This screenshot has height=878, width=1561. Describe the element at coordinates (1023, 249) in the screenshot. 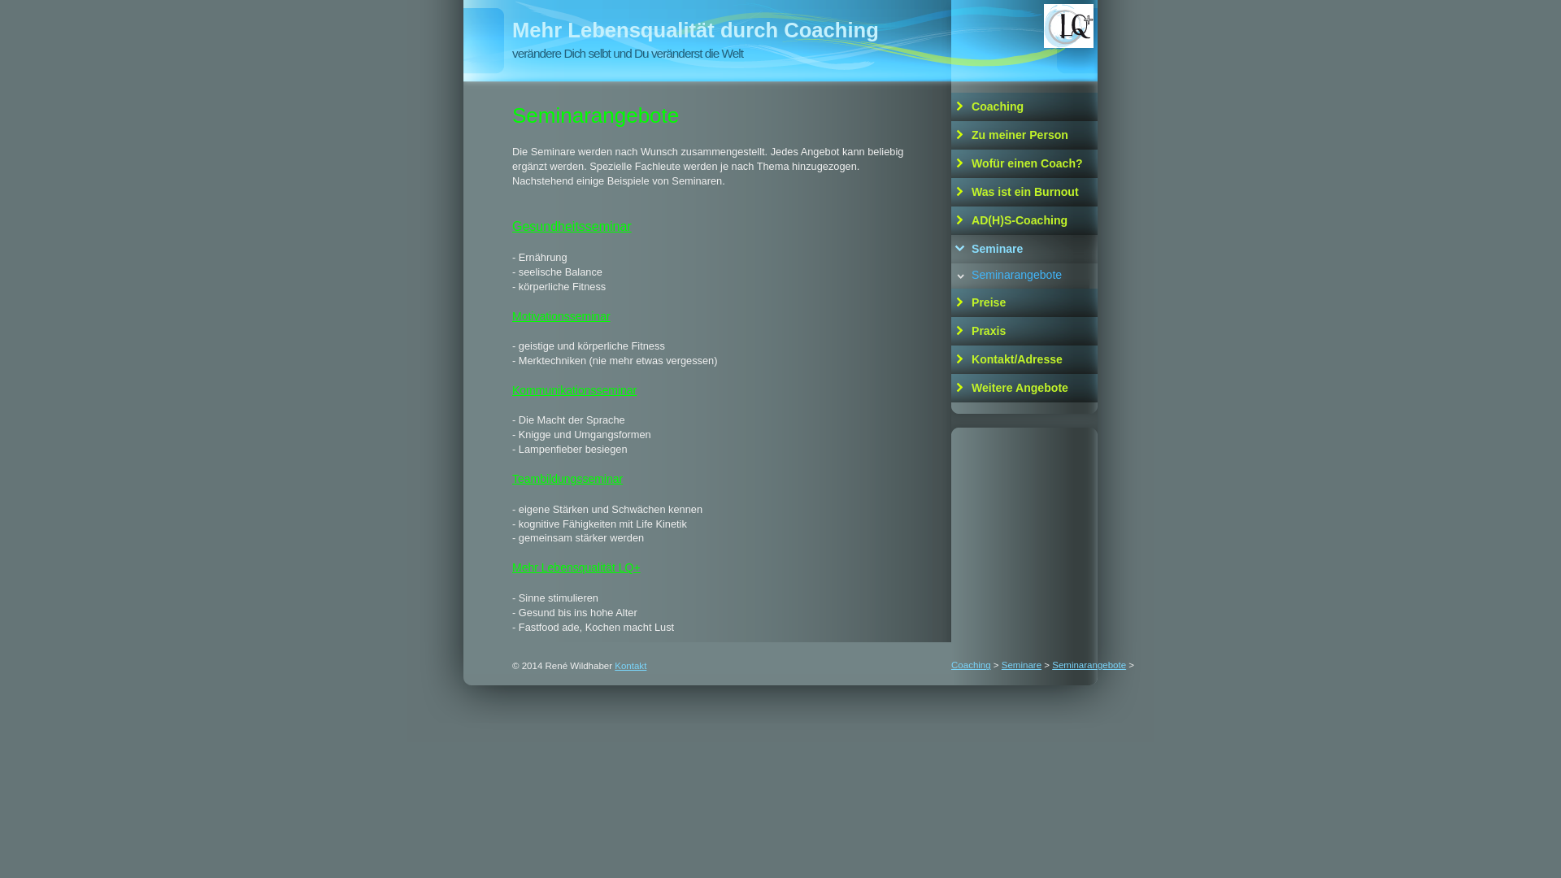

I see `'Seminare'` at that location.